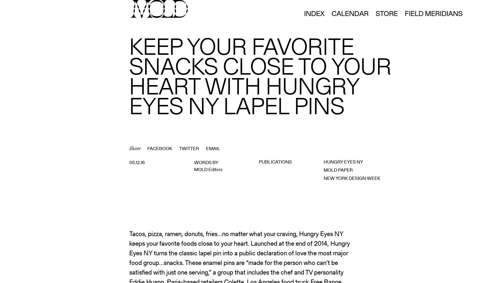 The image size is (481, 283). Describe the element at coordinates (137, 162) in the screenshot. I see `'05.12.16'` at that location.